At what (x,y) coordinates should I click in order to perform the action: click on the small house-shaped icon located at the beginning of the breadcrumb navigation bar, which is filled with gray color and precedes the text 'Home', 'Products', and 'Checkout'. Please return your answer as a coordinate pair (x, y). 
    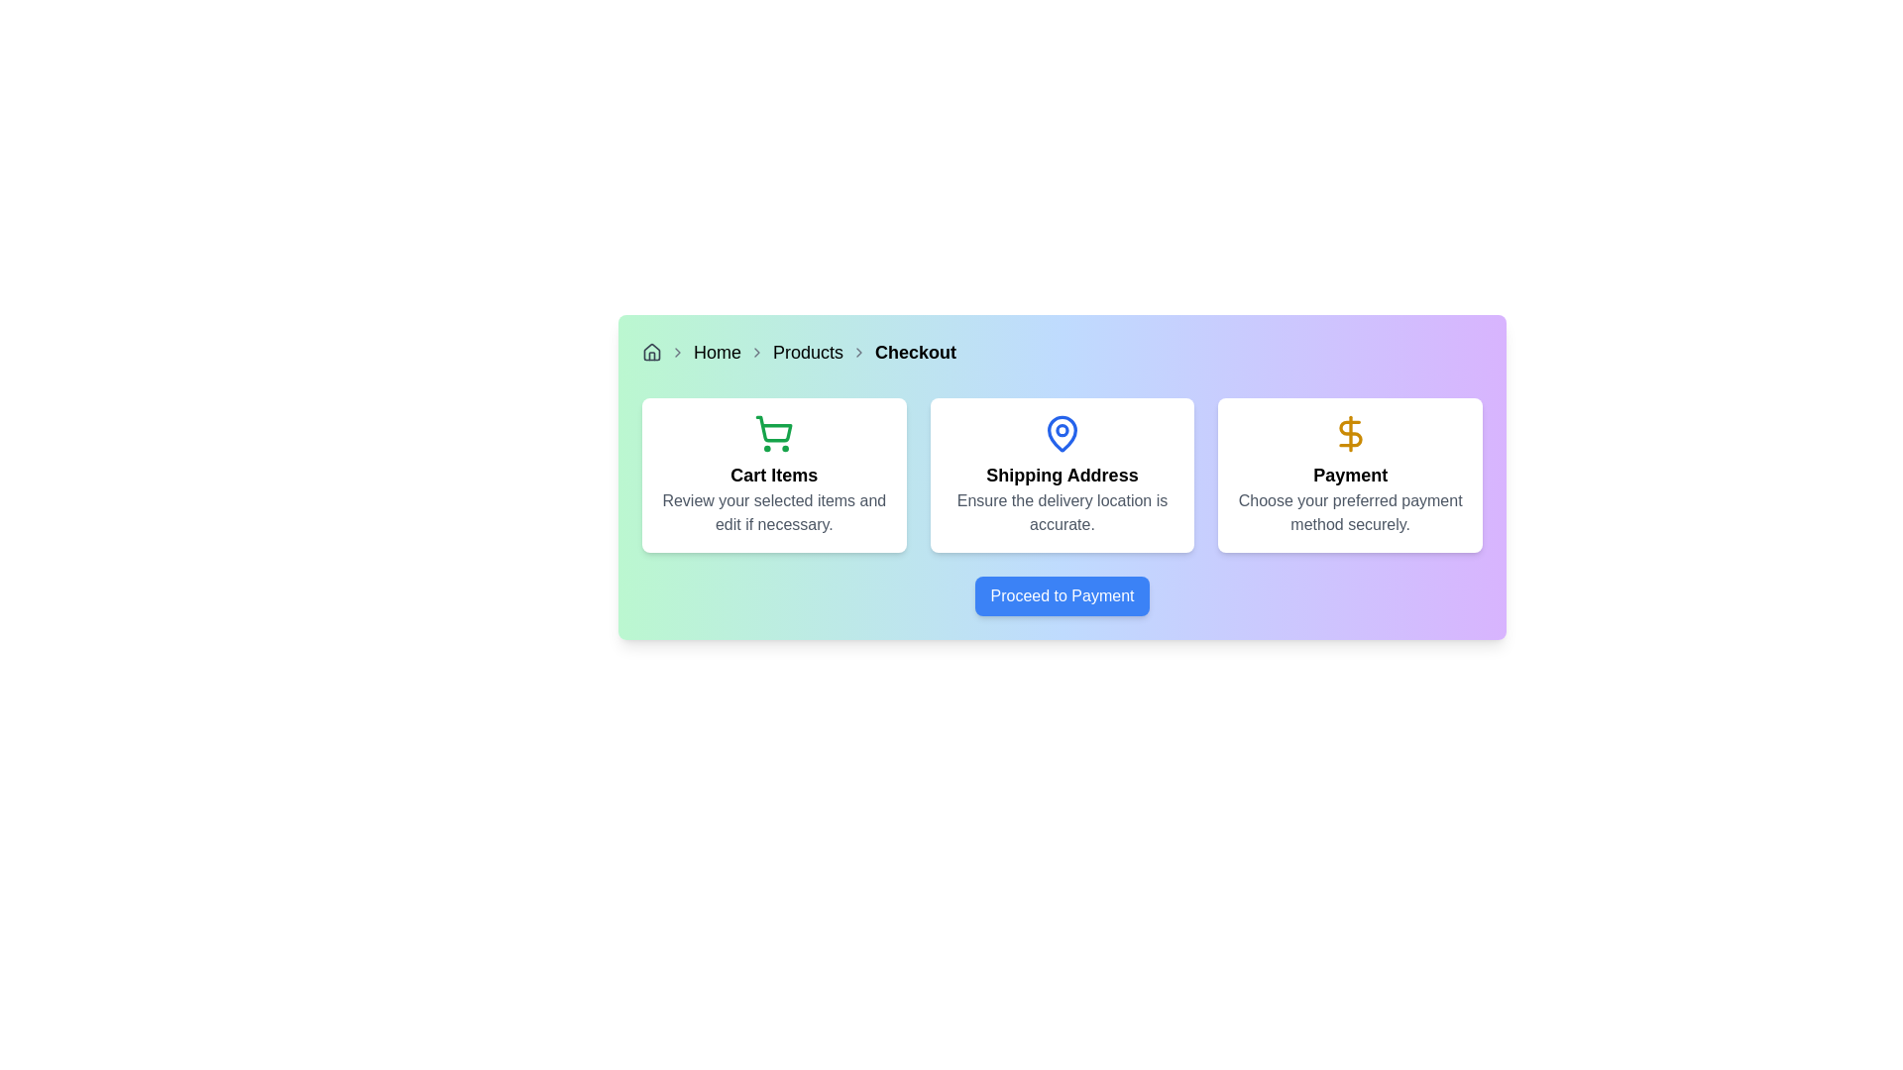
    Looking at the image, I should click on (651, 351).